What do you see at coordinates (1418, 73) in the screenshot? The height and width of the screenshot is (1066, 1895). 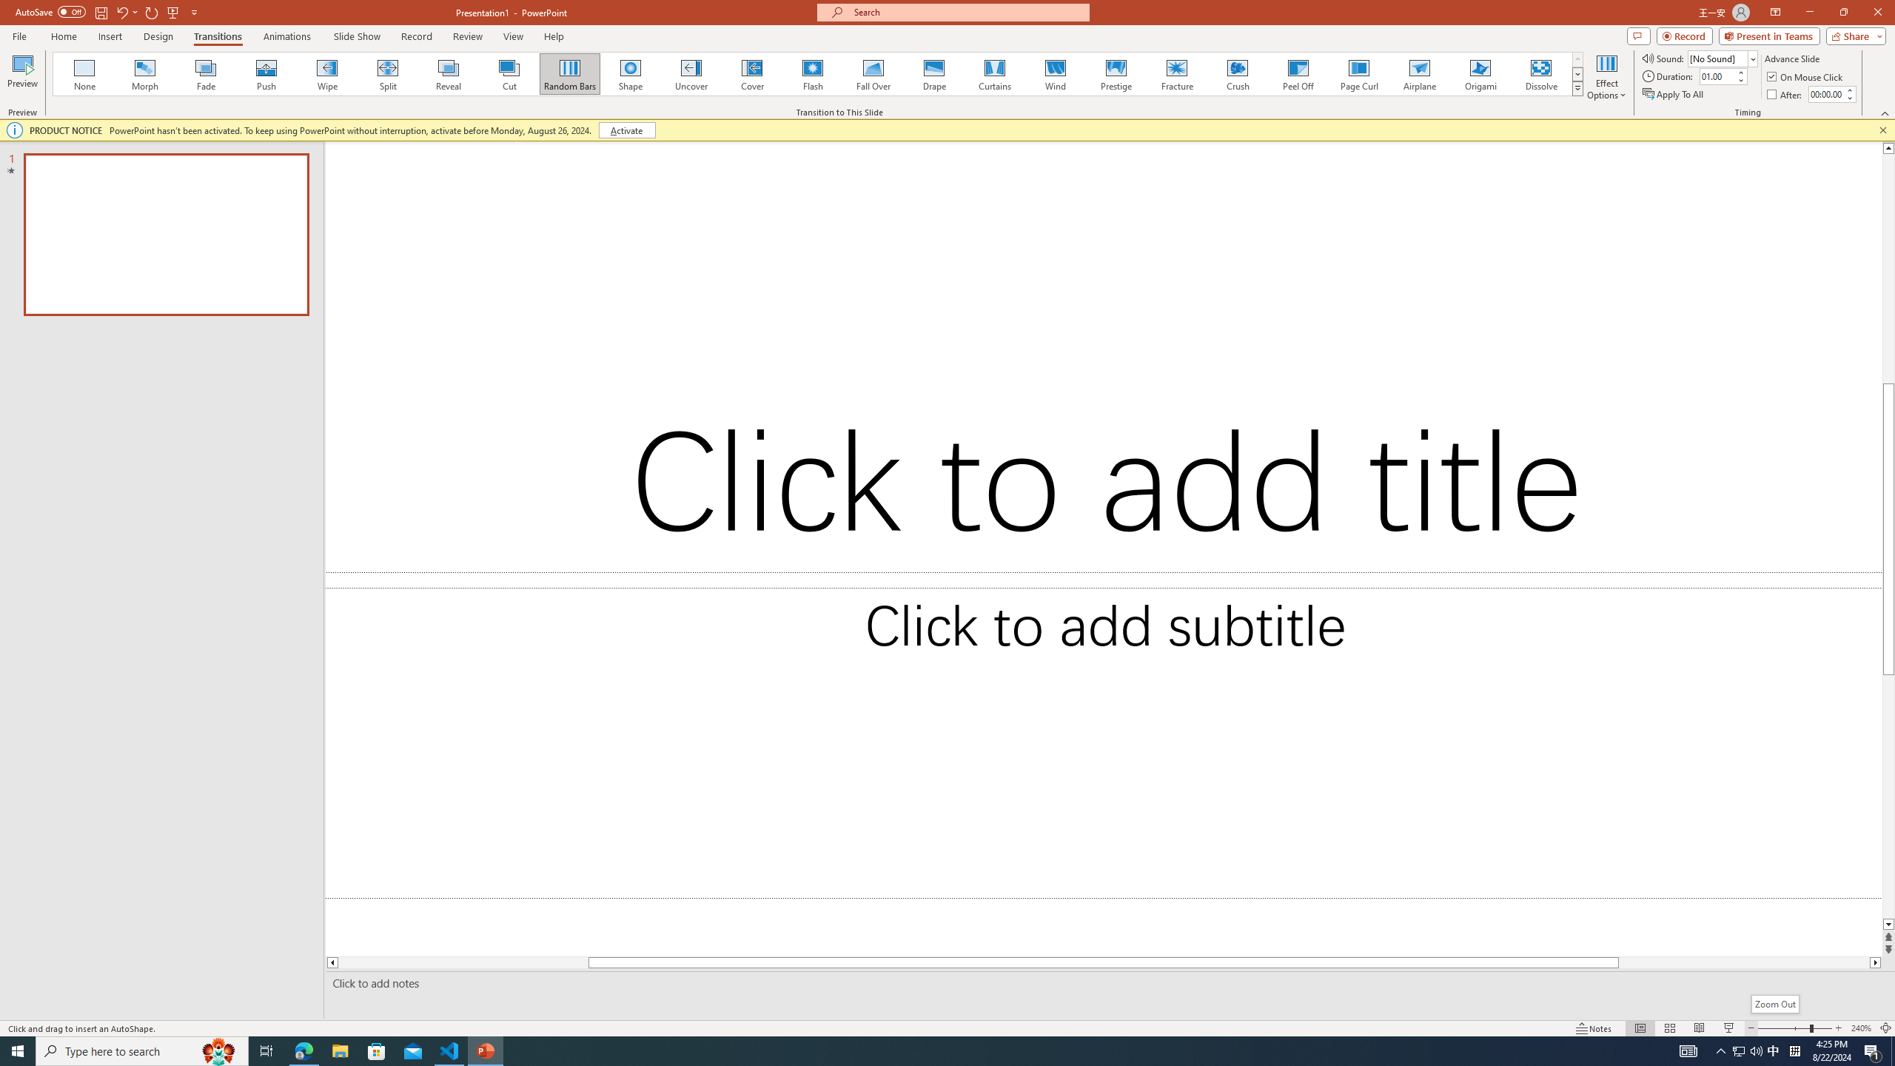 I see `'Airplane'` at bounding box center [1418, 73].